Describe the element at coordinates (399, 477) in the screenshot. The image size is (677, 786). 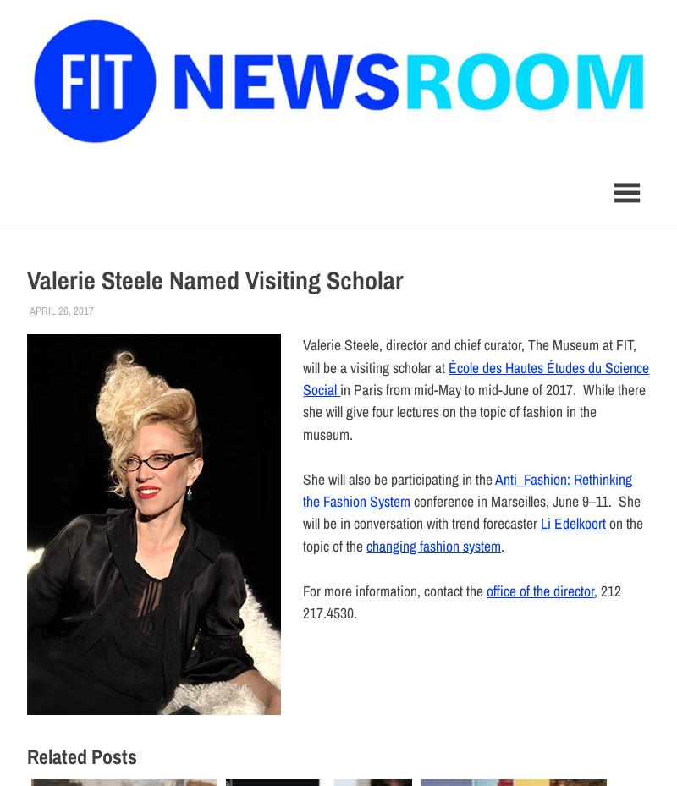
I see `'She will also be participating in the'` at that location.